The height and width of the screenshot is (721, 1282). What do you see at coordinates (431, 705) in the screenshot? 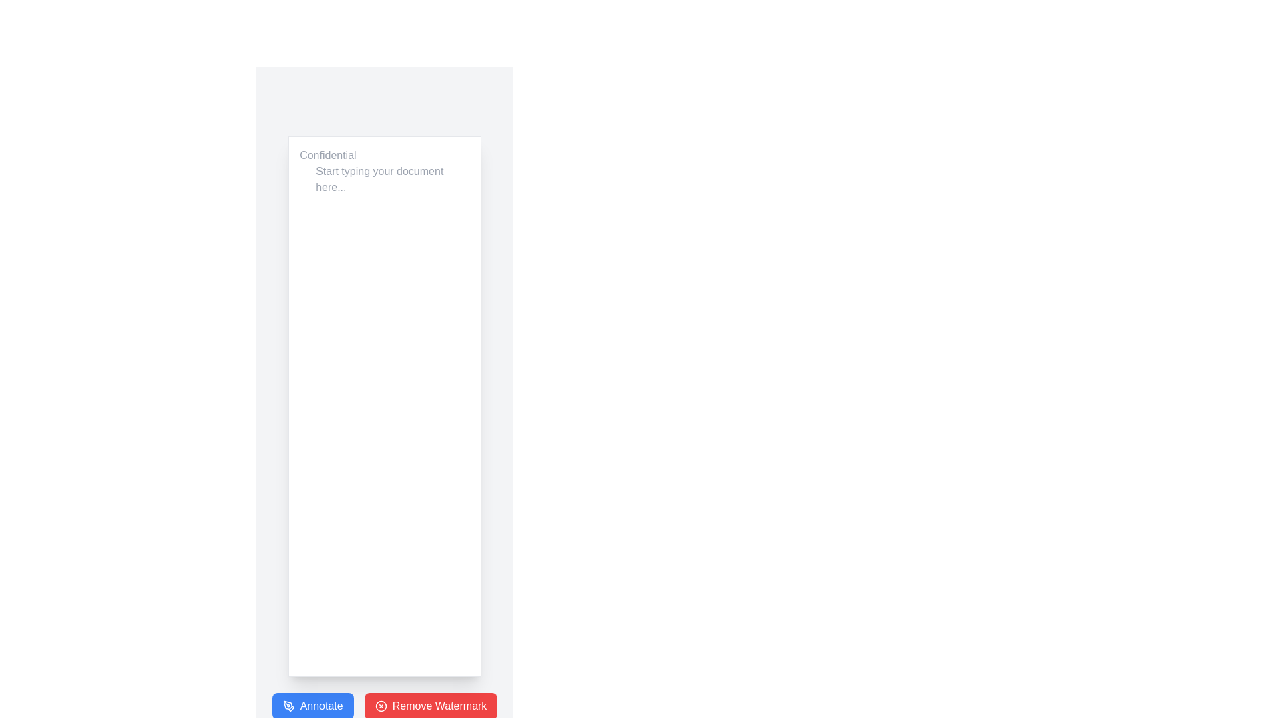
I see `the button located at the bottom right corner of the interface, next to the blue-colored 'Annotate' button` at bounding box center [431, 705].